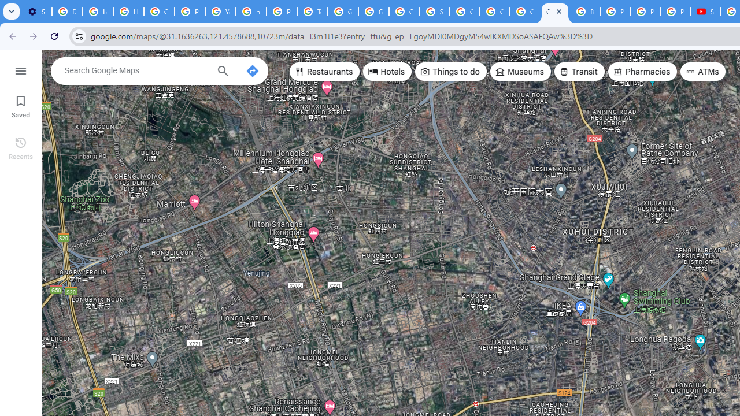  What do you see at coordinates (615, 12) in the screenshot?
I see `'Privacy Help Center - Policies Help'` at bounding box center [615, 12].